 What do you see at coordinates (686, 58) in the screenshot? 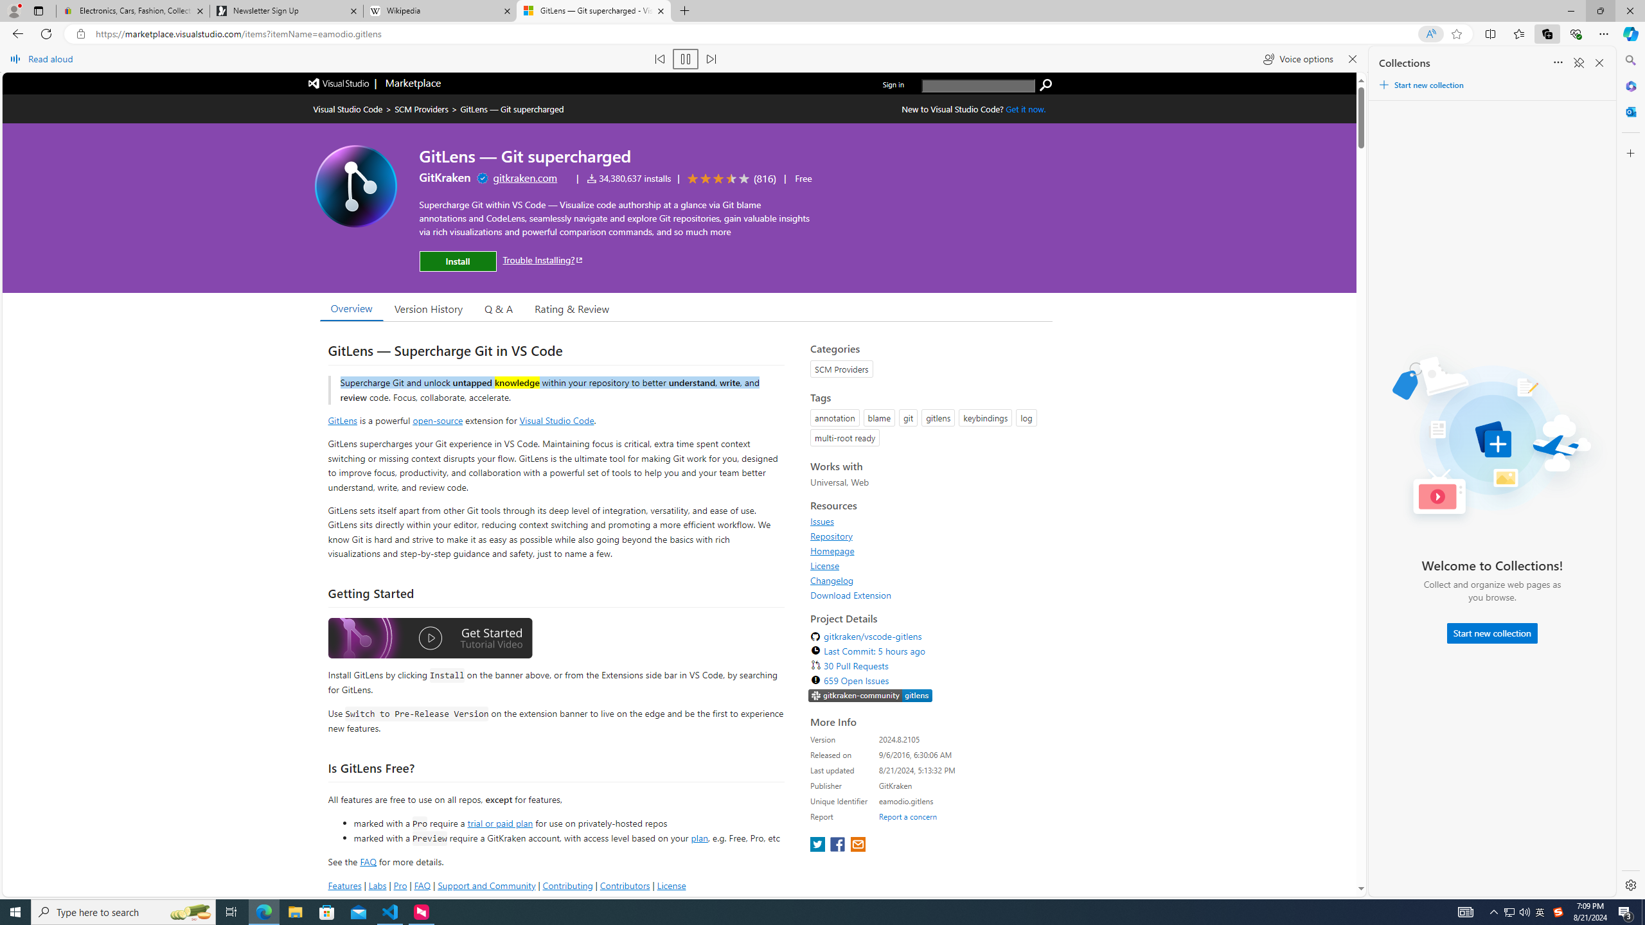
I see `'Pause read aloud (Ctrl+Shift+U)'` at bounding box center [686, 58].